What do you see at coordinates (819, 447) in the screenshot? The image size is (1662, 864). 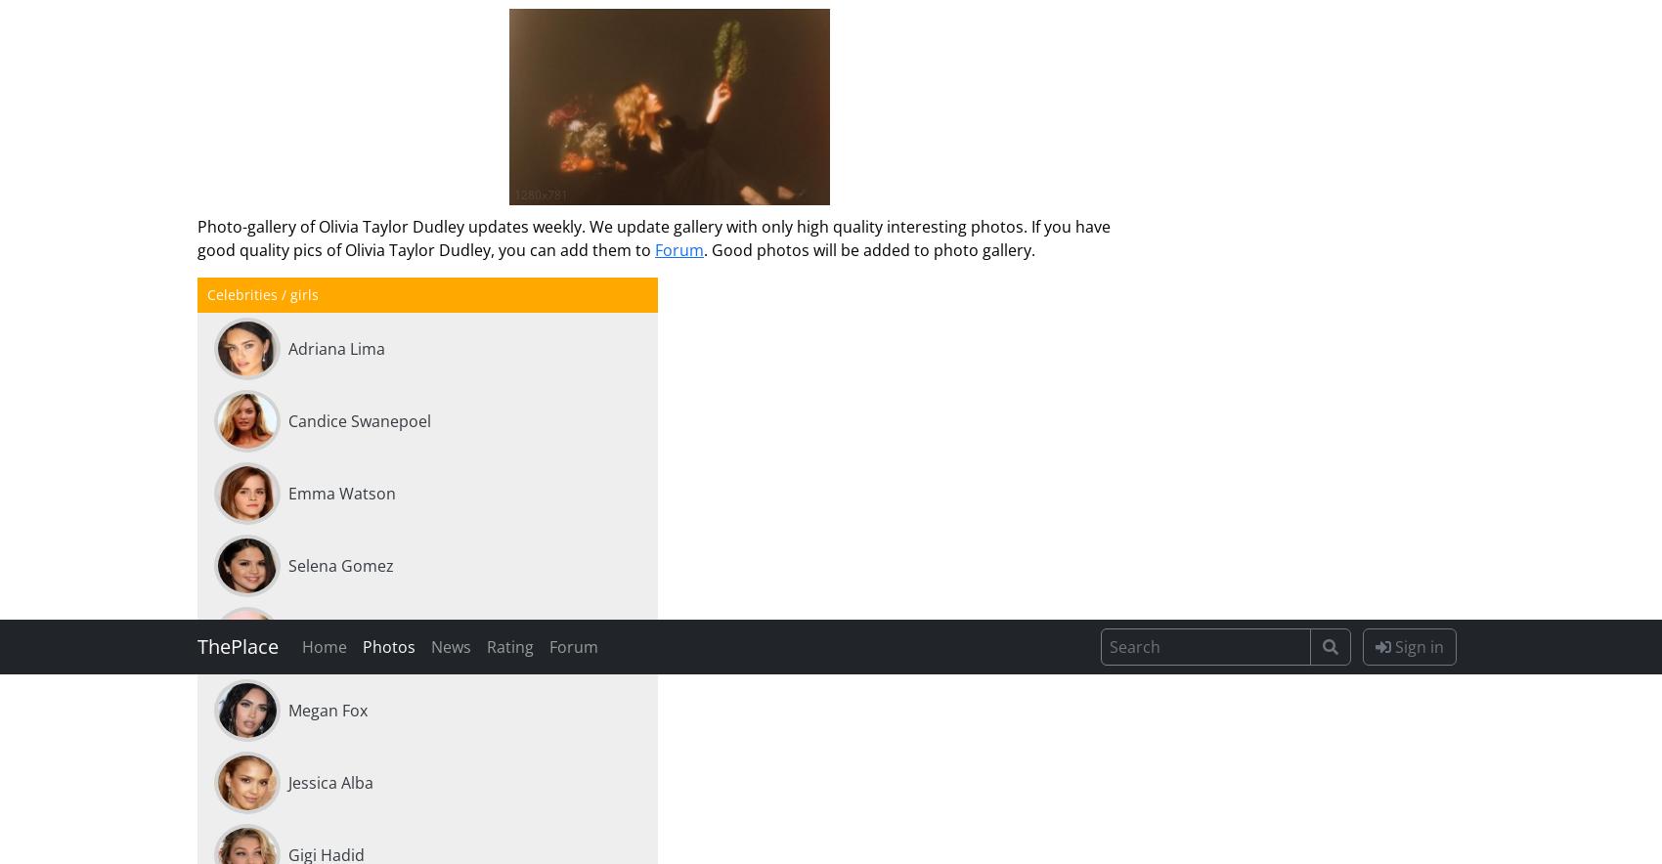 I see `'13 Sep 17:06'` at bounding box center [819, 447].